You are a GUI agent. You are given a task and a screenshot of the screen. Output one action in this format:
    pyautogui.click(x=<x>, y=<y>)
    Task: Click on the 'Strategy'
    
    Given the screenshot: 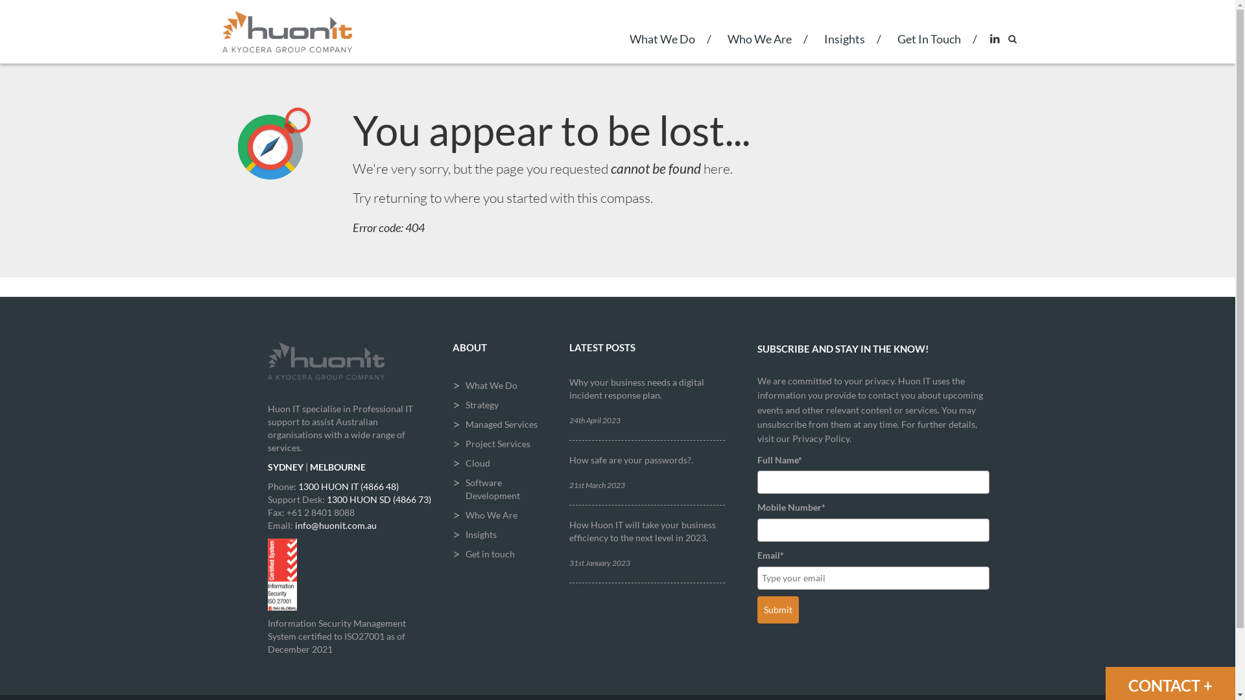 What is the action you would take?
    pyautogui.click(x=500, y=404)
    